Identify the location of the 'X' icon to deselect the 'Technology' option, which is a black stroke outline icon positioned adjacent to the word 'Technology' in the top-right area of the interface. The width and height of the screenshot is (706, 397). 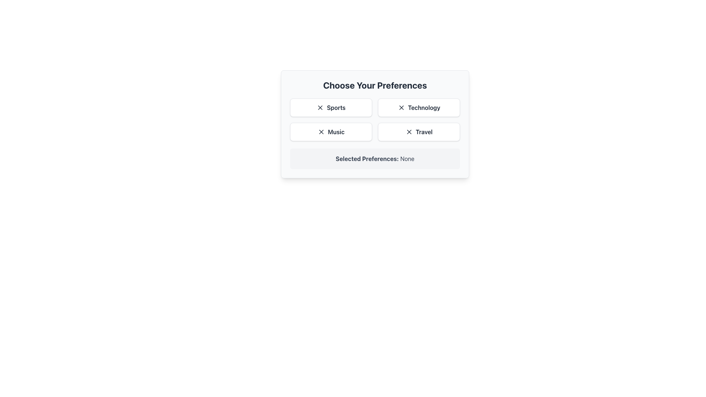
(401, 108).